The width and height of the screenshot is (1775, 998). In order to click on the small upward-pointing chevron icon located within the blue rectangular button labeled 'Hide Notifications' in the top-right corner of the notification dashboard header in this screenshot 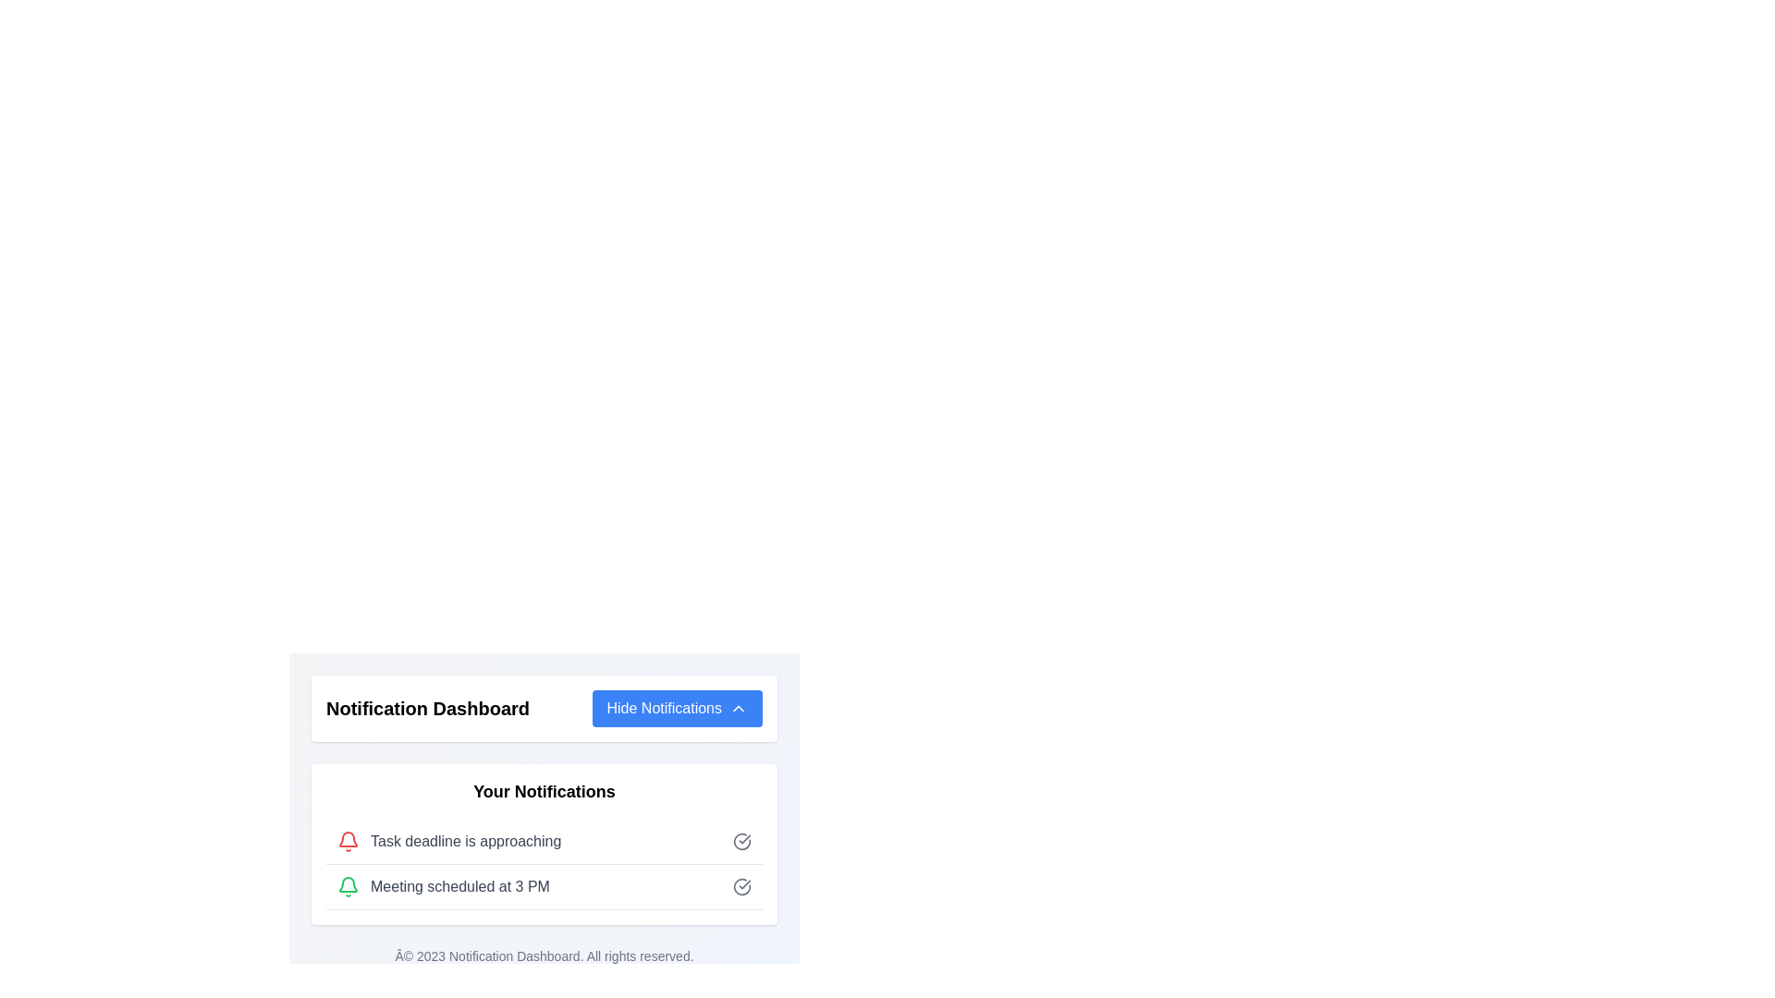, I will do `click(737, 708)`.